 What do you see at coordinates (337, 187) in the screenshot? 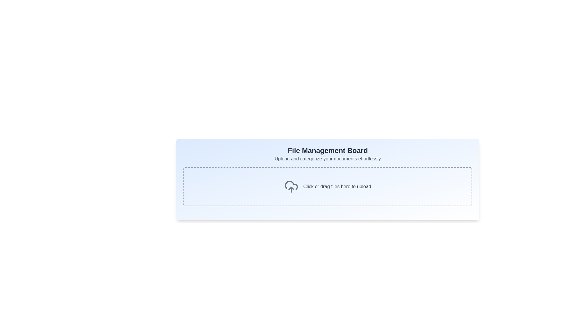
I see `the static informational text label that says 'Click or drag files here to upload', which is located inside a dashed bordered box for file uploads` at bounding box center [337, 187].